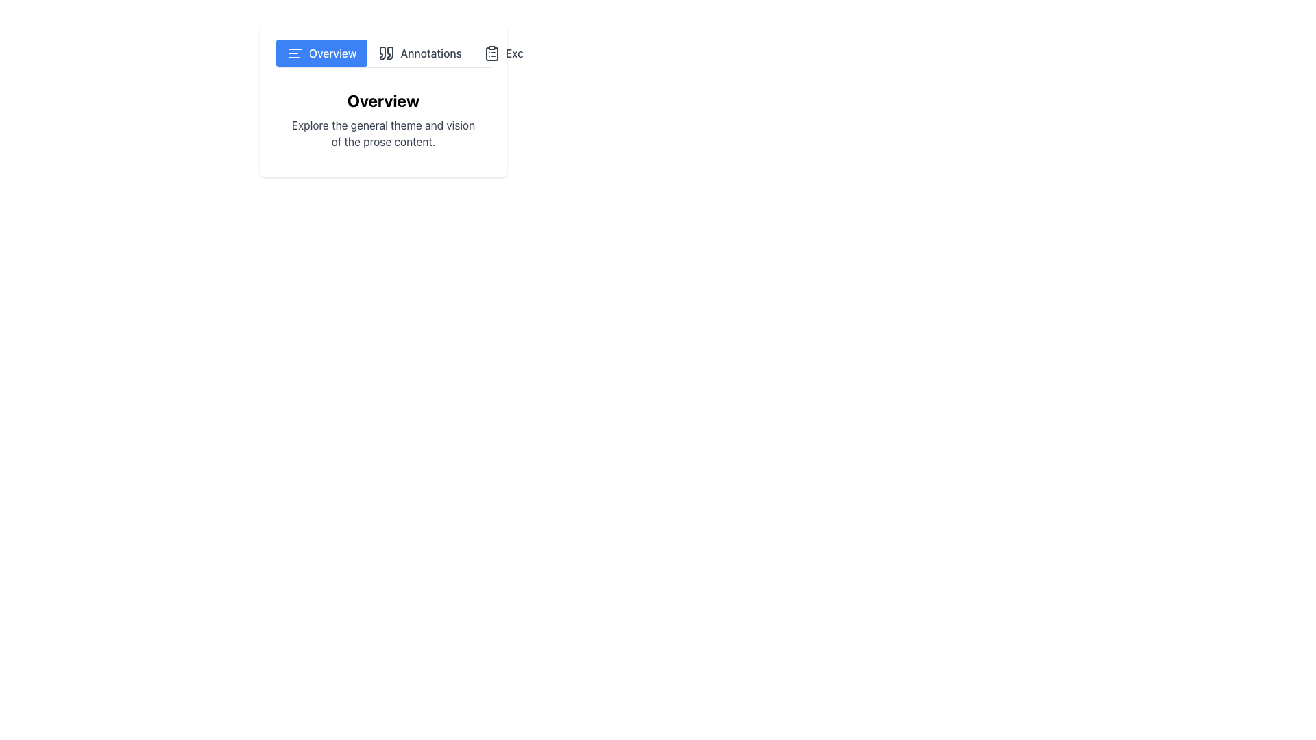 The width and height of the screenshot is (1316, 740). What do you see at coordinates (491, 52) in the screenshot?
I see `the clipboard icon located within the 'Excerpts' button at the far right of the navigation bar, which visually indicates the section for saved content` at bounding box center [491, 52].